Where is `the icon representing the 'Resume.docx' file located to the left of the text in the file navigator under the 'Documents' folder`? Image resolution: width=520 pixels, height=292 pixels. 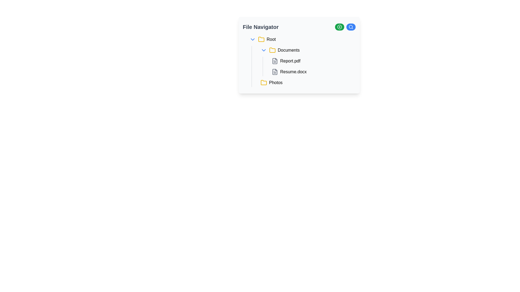
the icon representing the 'Resume.docx' file located to the left of the text in the file navigator under the 'Documents' folder is located at coordinates (275, 72).